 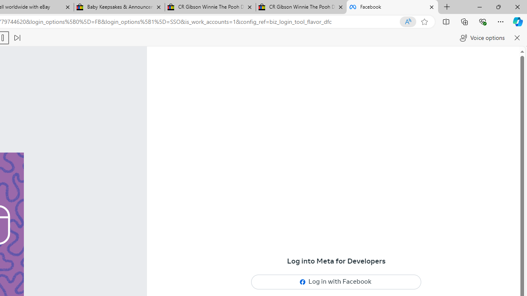 What do you see at coordinates (482, 38) in the screenshot?
I see `'Voice options'` at bounding box center [482, 38].